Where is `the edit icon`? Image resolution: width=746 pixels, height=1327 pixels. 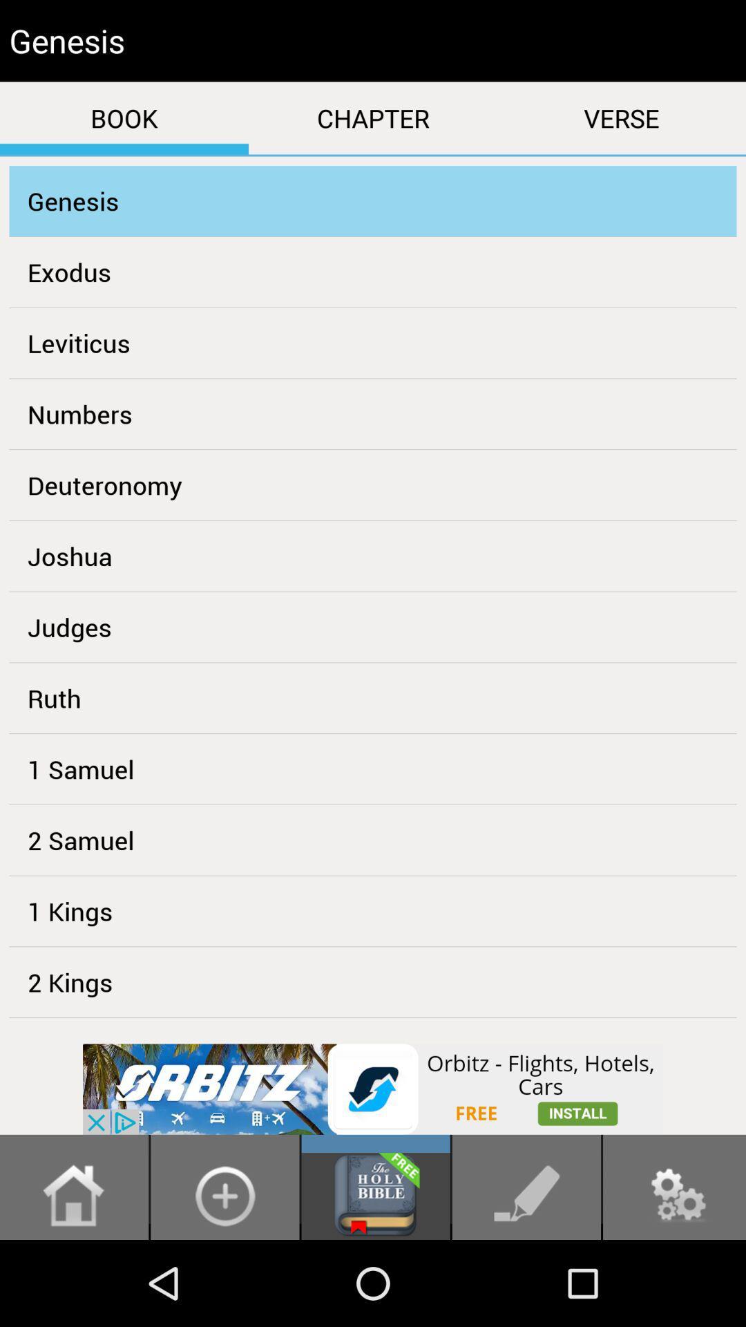 the edit icon is located at coordinates (526, 1279).